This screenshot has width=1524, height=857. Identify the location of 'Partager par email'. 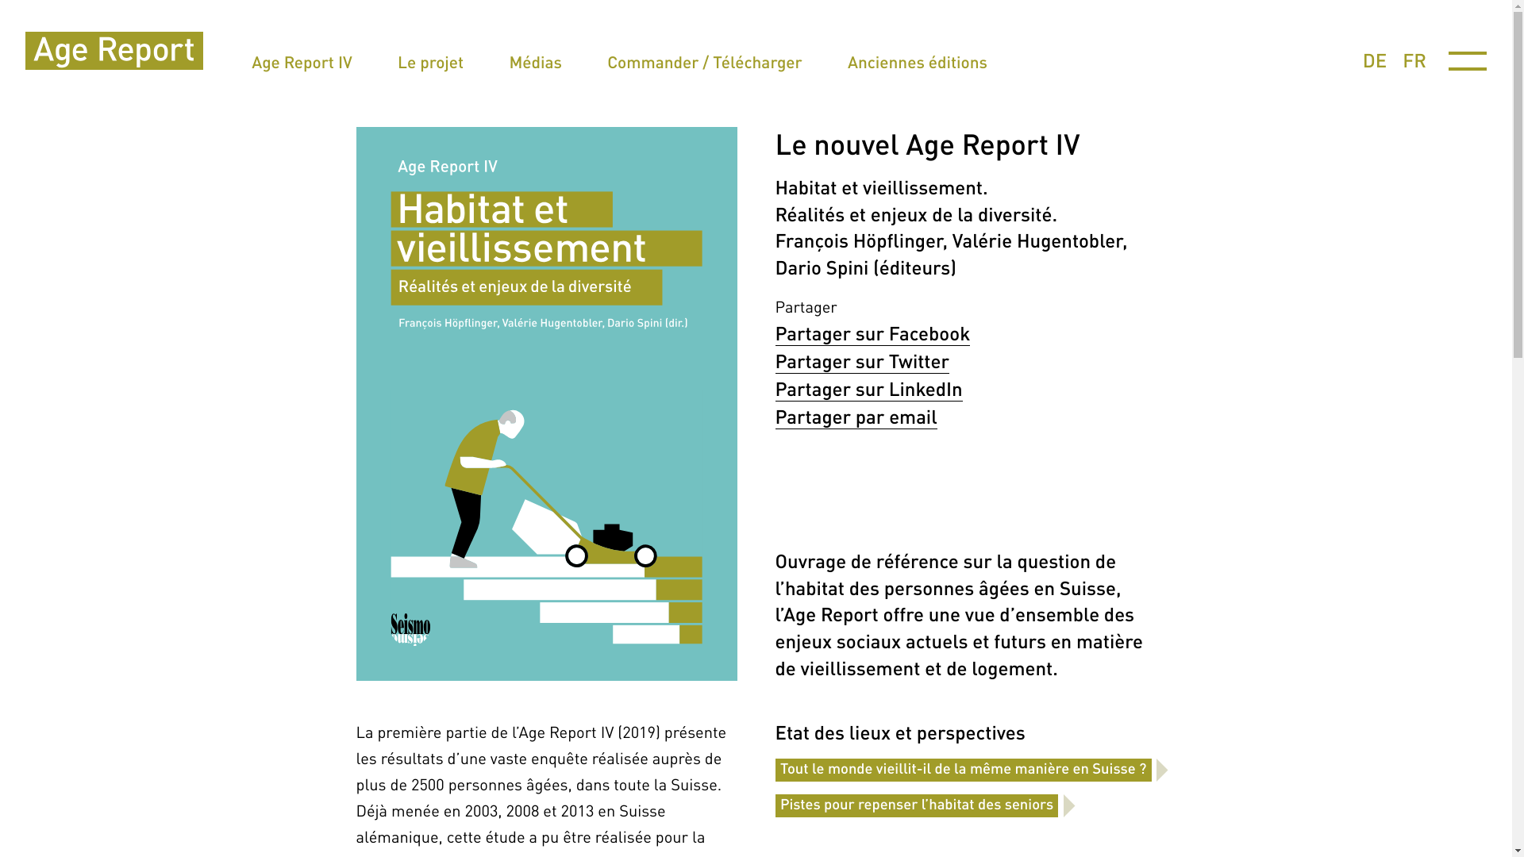
(855, 415).